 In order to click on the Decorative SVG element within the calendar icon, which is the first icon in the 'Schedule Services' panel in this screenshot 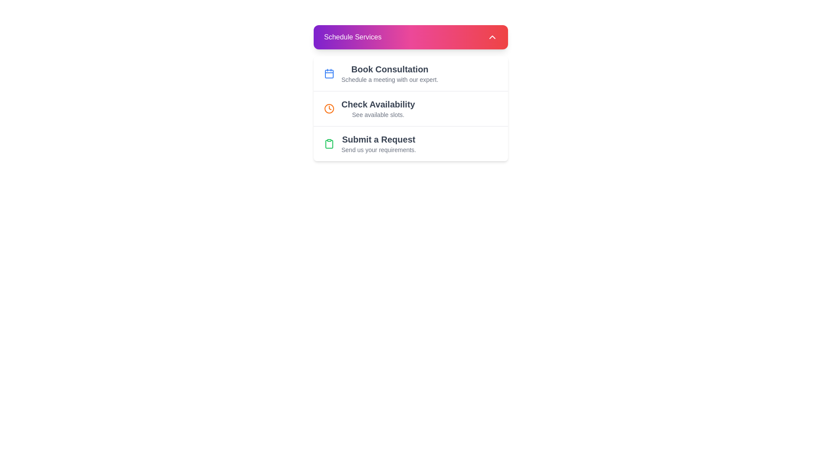, I will do `click(328, 73)`.